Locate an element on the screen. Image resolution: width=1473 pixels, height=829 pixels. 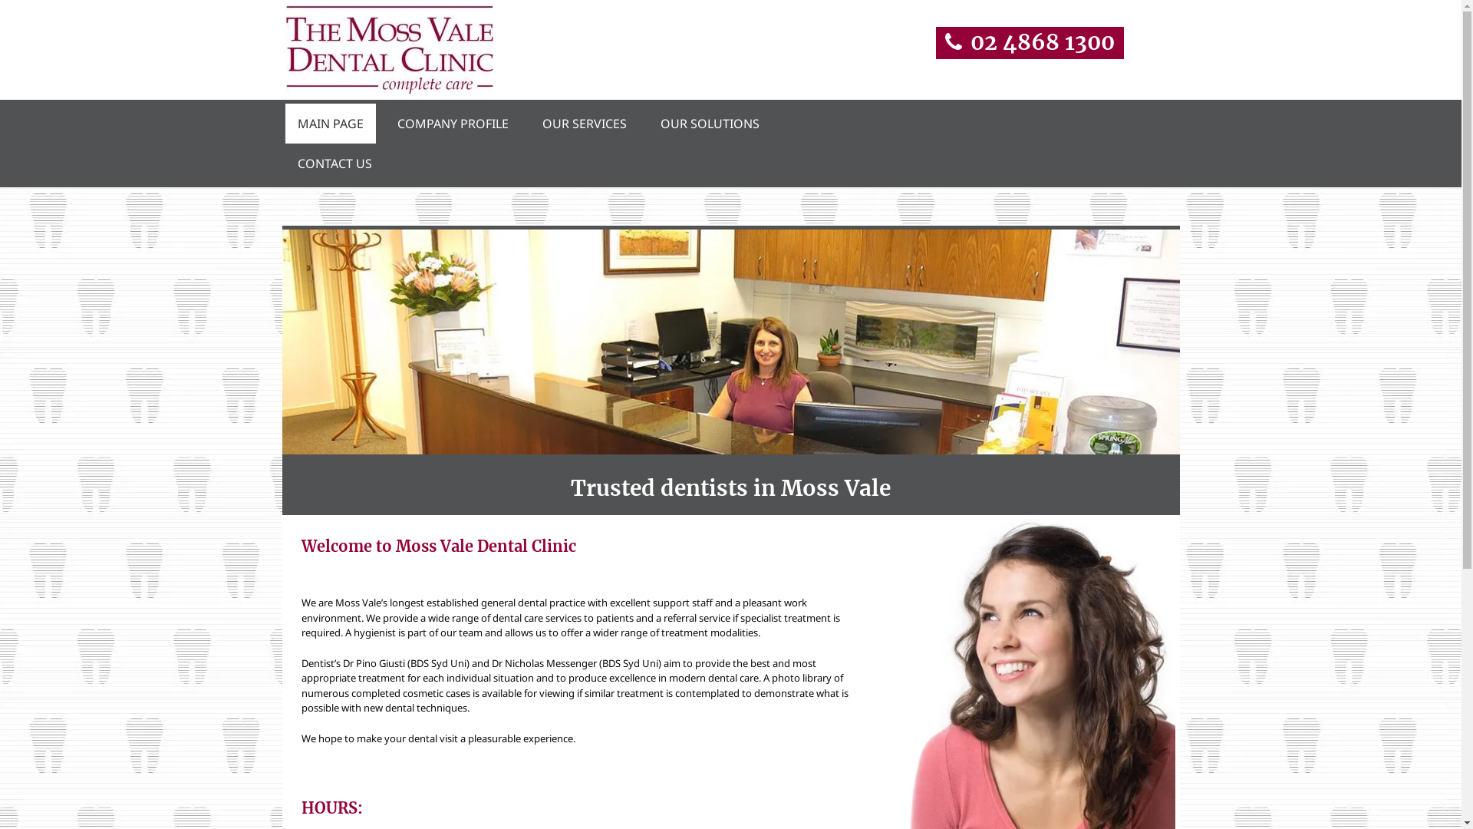
'OUR SOLUTIONS' is located at coordinates (708, 123).